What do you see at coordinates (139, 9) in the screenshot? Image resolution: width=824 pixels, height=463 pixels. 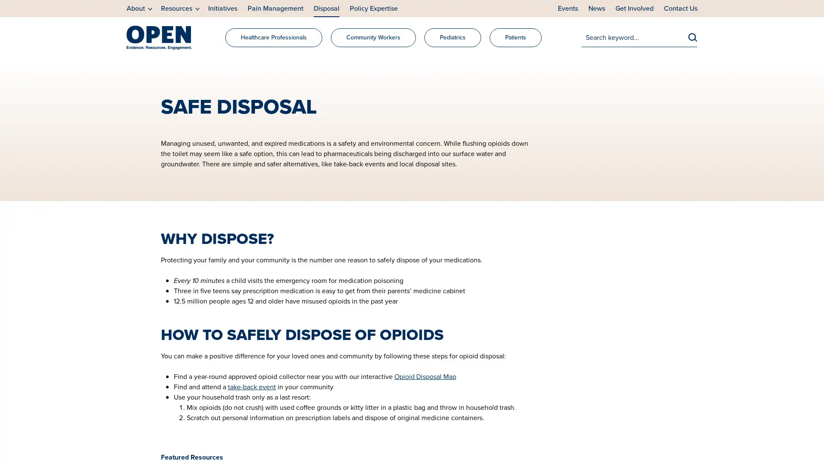 I see `About` at bounding box center [139, 9].